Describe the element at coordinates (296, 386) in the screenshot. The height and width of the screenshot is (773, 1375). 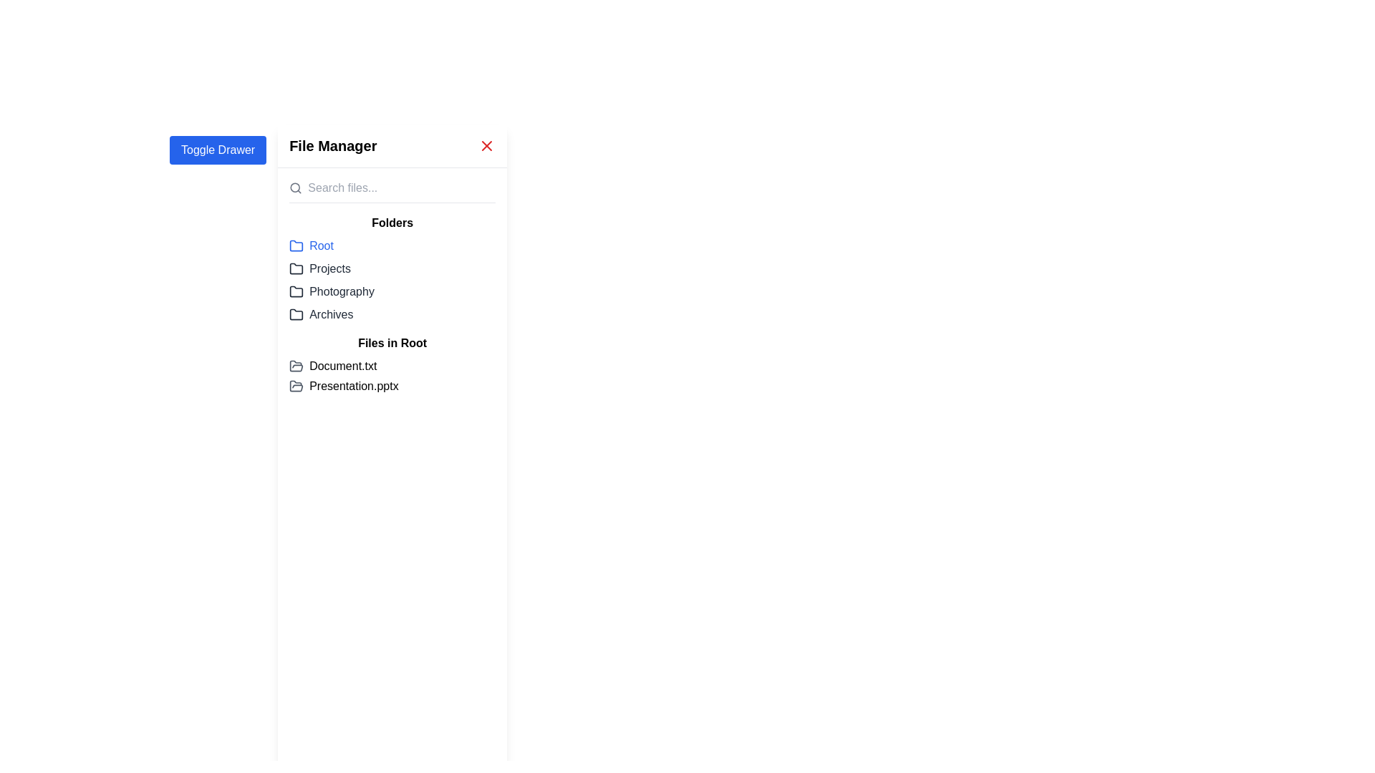
I see `the SVG icon resembling an open folder` at that location.